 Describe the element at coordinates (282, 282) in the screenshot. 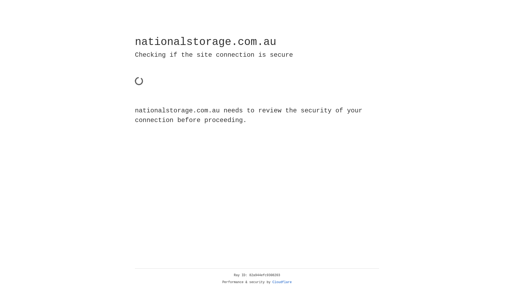

I see `'Cloudflare'` at that location.